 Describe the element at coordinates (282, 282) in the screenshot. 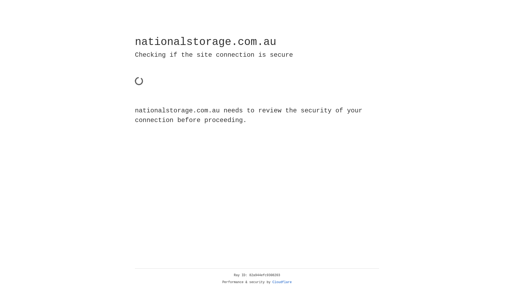

I see `'Cloudflare'` at that location.